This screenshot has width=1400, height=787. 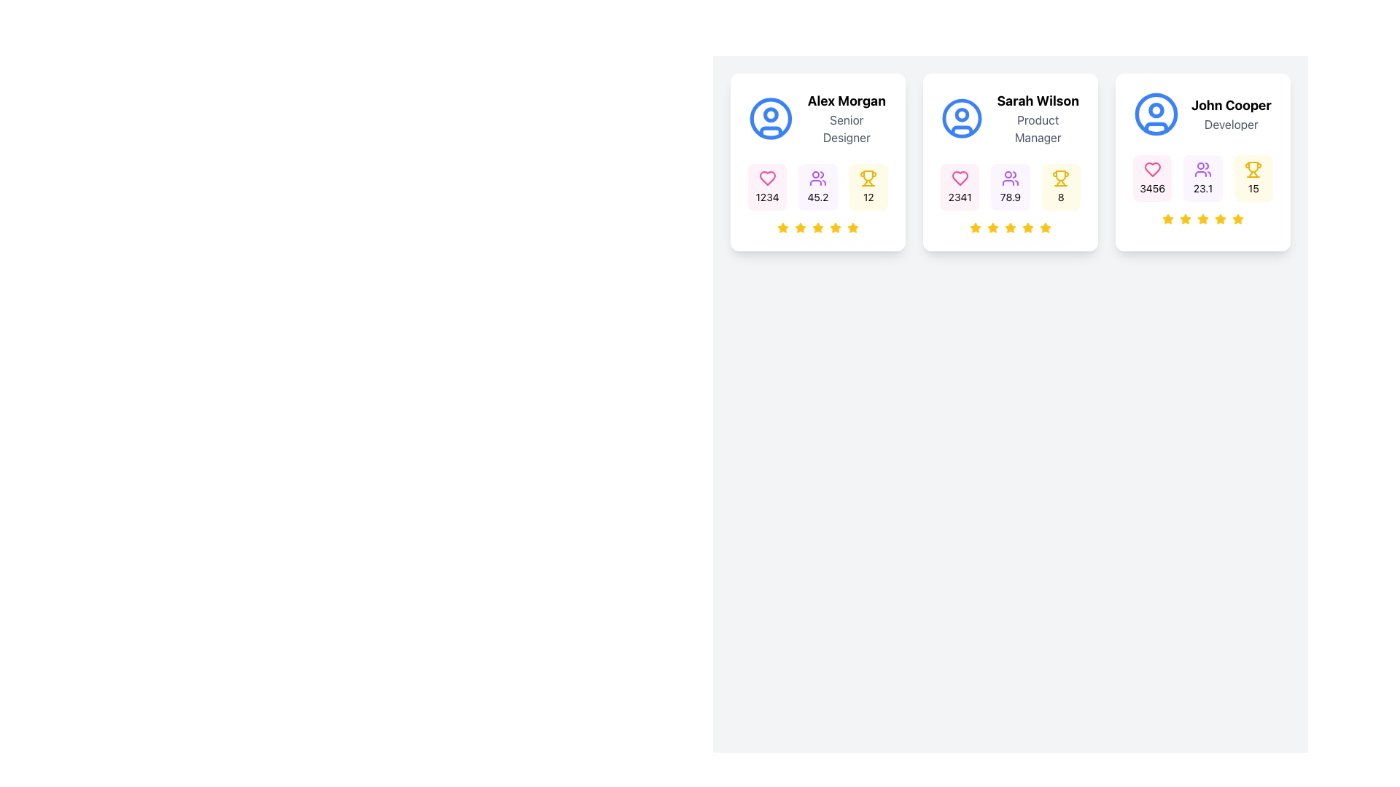 I want to click on name and title information from the text label located above the statistical information section in the rightmost profile card, which uses a distinct font and color to differentiate roles and names, so click(x=1230, y=114).